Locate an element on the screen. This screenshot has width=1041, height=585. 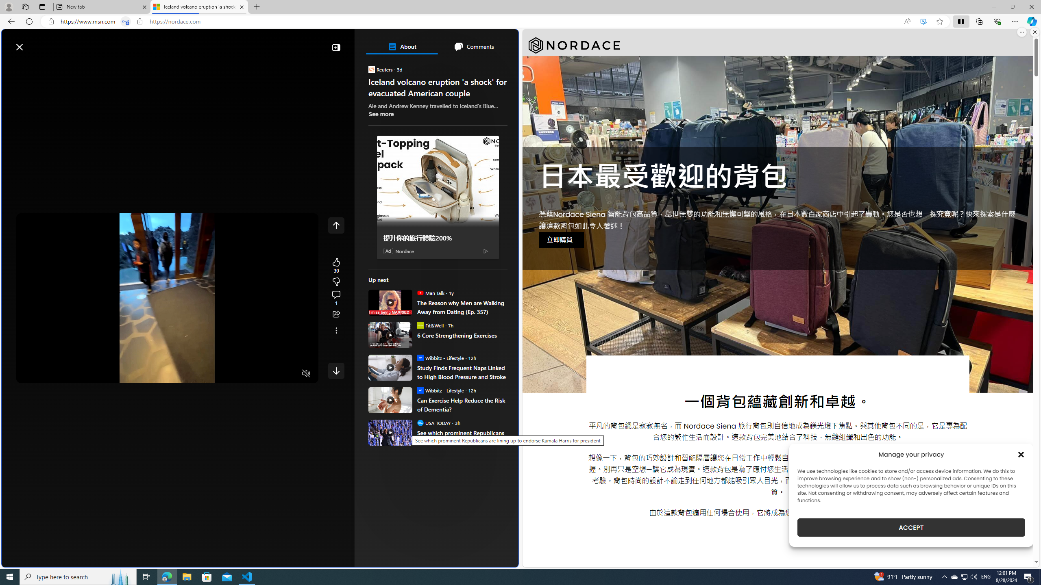
'Captions' is located at coordinates (274, 373).